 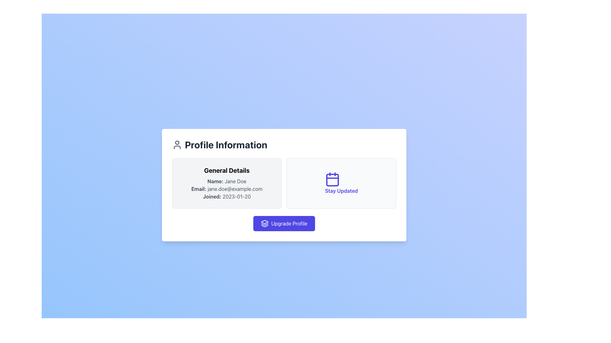 I want to click on static text element that displays 'Email: jane.doe@example.com', located in the 'General Details' section, positioned between 'Name: Jane Doe' and 'Joined: 2023-01-20', so click(x=227, y=188).